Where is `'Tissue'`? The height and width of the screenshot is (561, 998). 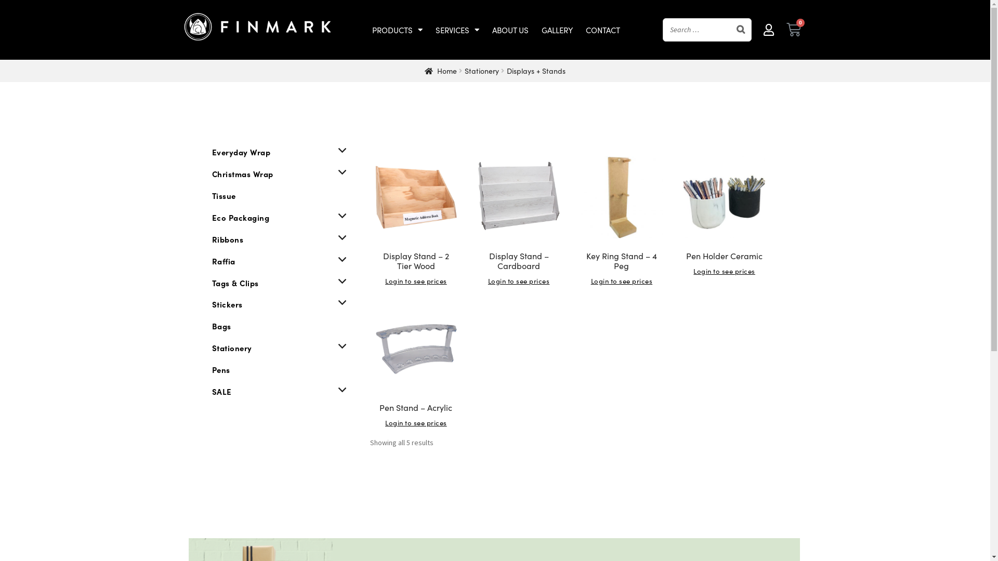
'Tissue' is located at coordinates (224, 195).